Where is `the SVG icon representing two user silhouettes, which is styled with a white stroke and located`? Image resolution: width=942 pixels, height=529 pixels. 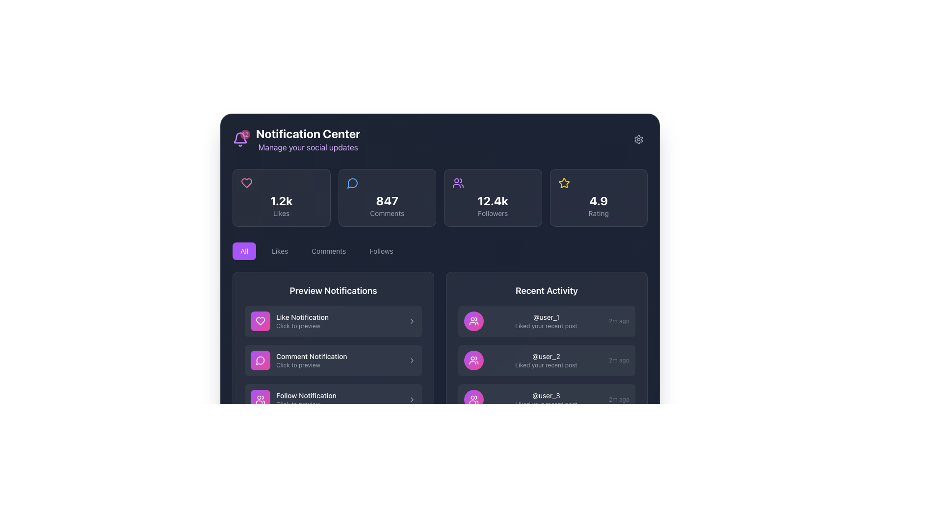
the SVG icon representing two user silhouettes, which is styled with a white stroke and located is located at coordinates (473, 321).